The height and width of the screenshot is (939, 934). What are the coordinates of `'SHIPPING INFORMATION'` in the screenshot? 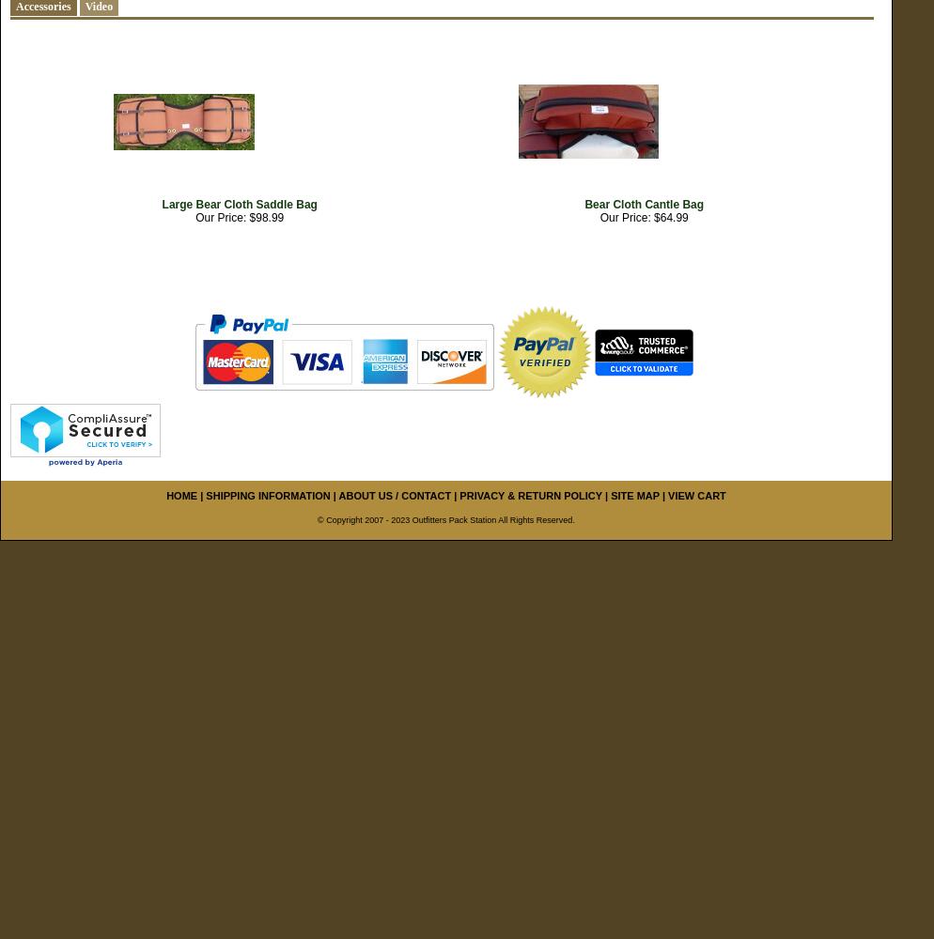 It's located at (267, 496).